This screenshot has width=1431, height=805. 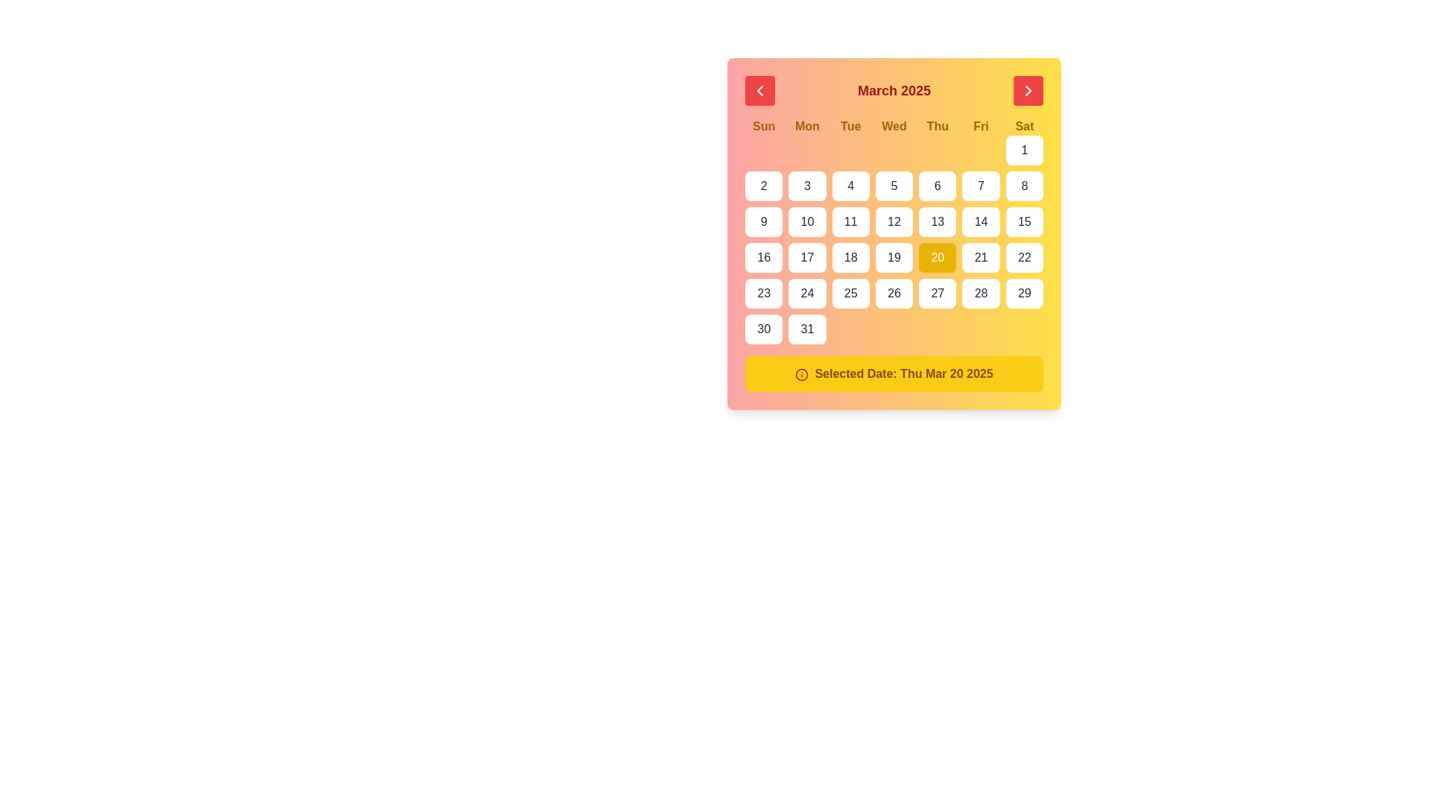 I want to click on the calendar date box displaying the number '15', so click(x=1023, y=221).